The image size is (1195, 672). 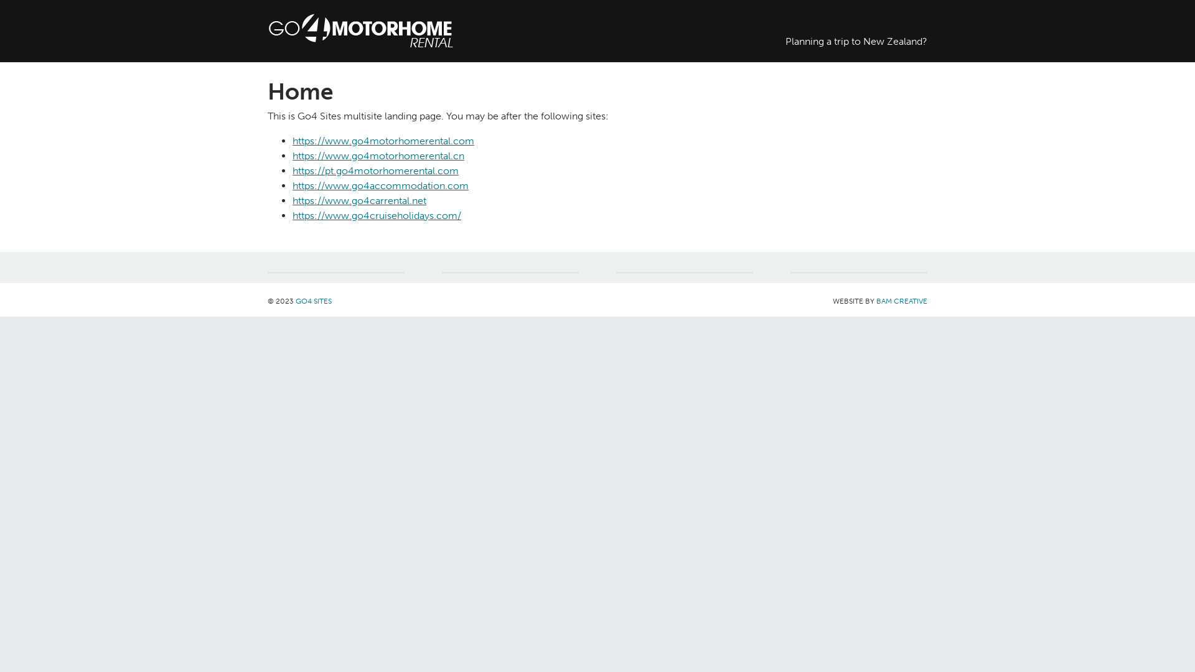 I want to click on 'https://www.go4motorhomerental.com', so click(x=382, y=140).